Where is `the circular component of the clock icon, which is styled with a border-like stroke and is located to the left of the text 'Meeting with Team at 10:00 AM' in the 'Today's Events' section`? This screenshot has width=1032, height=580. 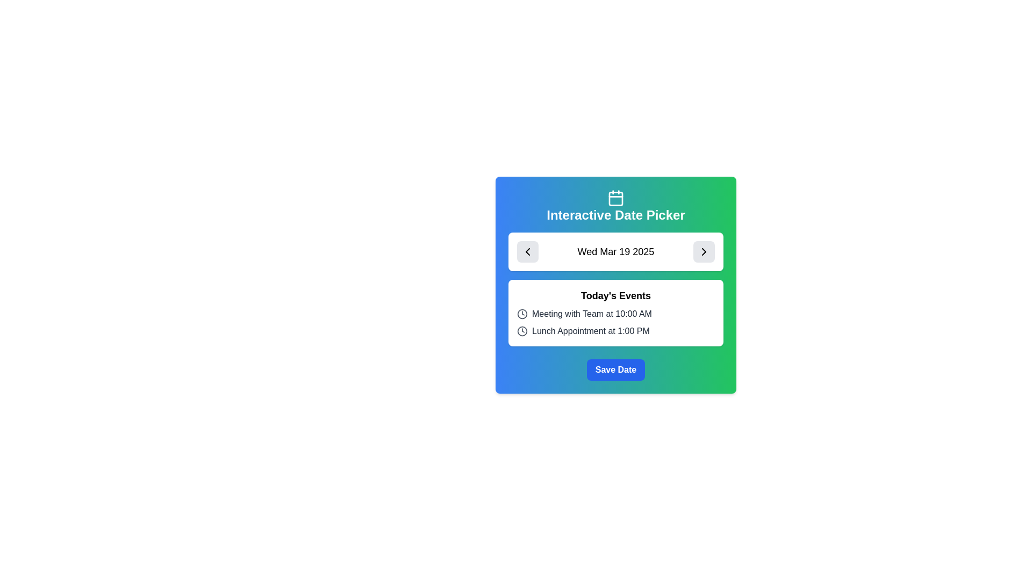
the circular component of the clock icon, which is styled with a border-like stroke and is located to the left of the text 'Meeting with Team at 10:00 AM' in the 'Today's Events' section is located at coordinates (522, 331).